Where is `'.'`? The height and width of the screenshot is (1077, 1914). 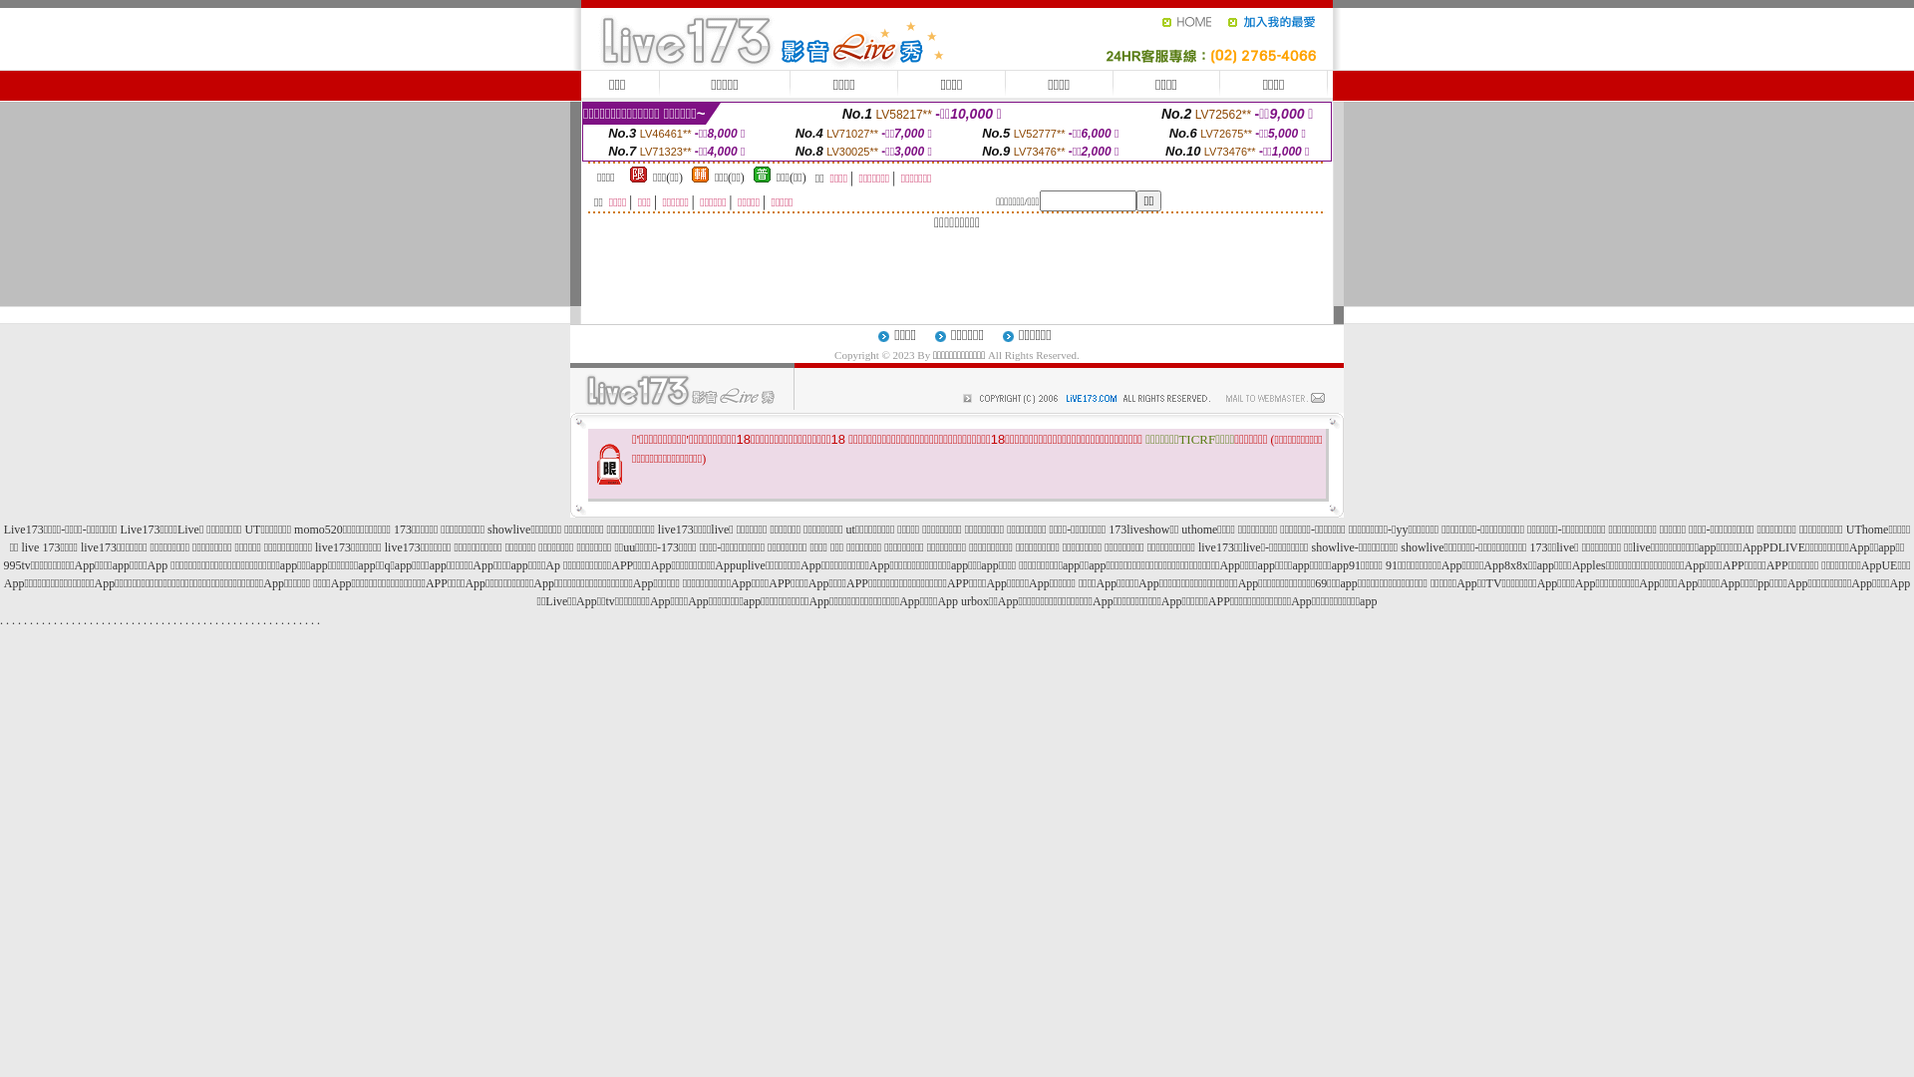
'.' is located at coordinates (156, 618).